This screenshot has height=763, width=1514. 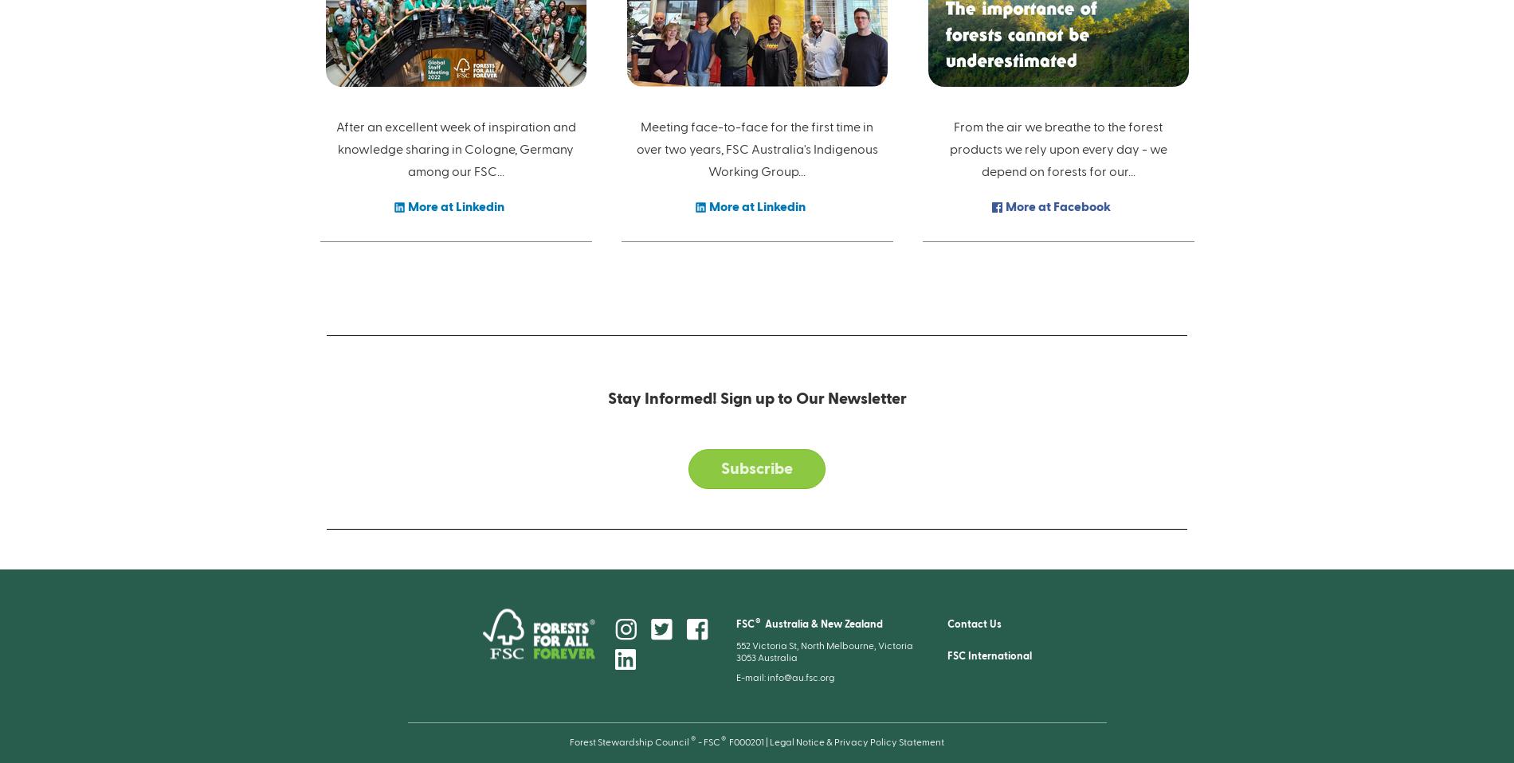 I want to click on 'Subscribe', so click(x=757, y=468).